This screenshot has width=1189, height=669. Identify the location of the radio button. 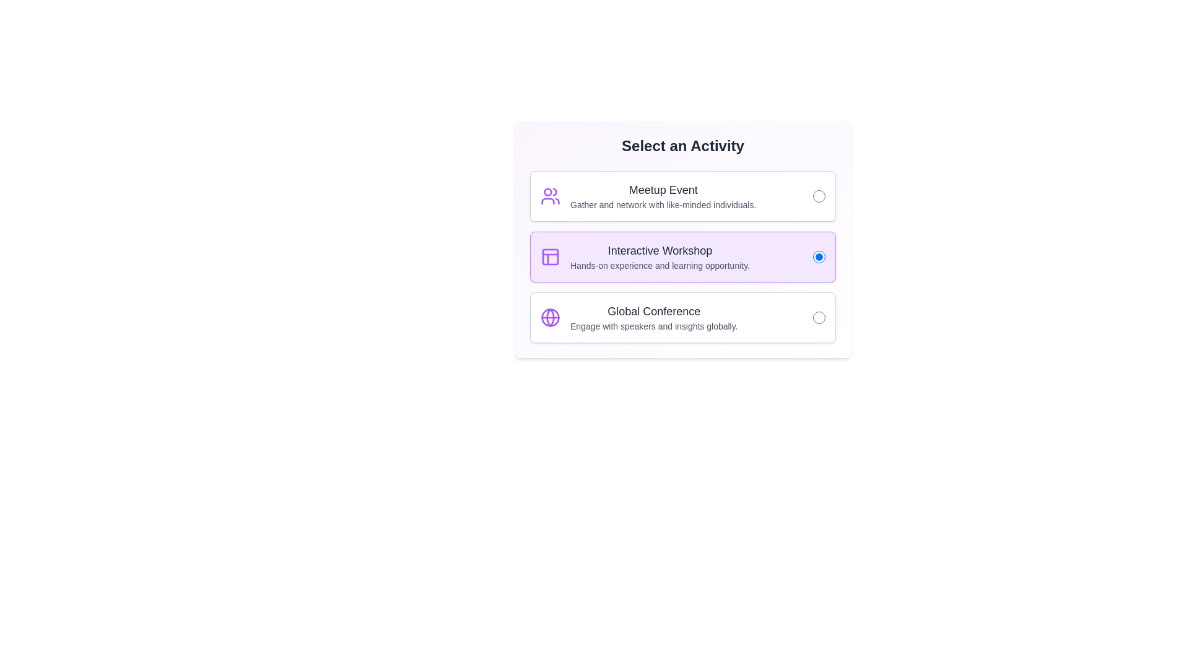
(819, 256).